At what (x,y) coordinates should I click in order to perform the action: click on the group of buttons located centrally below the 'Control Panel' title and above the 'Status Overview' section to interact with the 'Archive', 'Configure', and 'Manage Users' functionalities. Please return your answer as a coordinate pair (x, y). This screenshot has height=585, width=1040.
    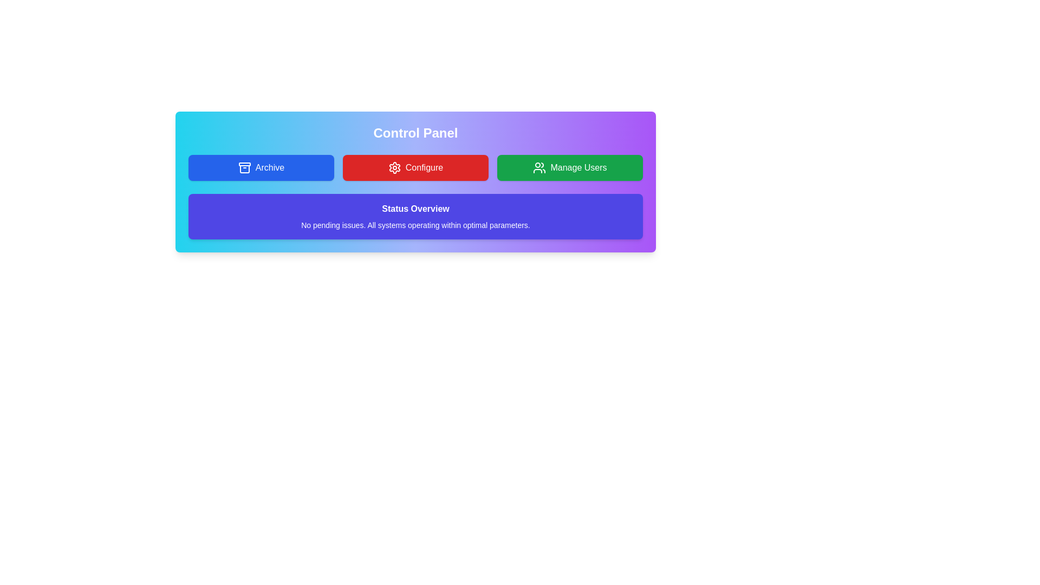
    Looking at the image, I should click on (415, 167).